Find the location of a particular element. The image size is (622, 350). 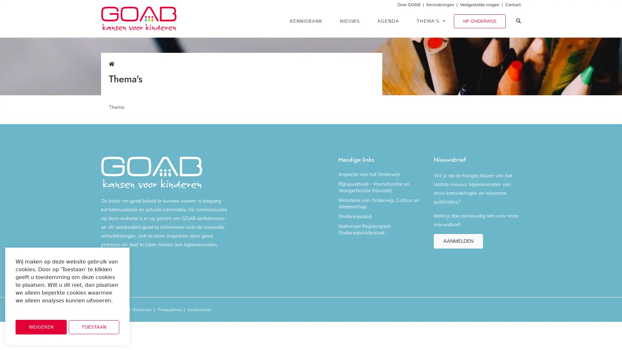

learn more about cookies is located at coordinates (32, 309).